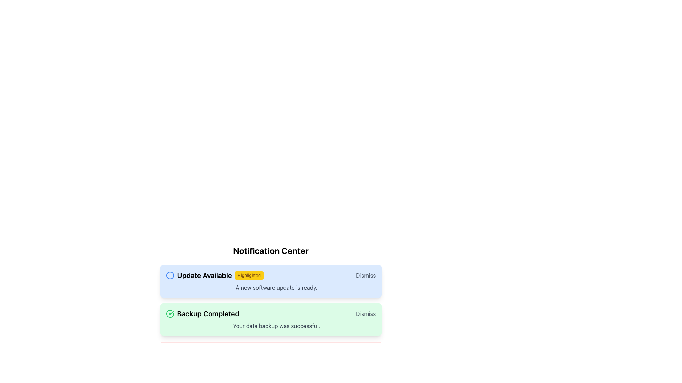  What do you see at coordinates (270, 275) in the screenshot?
I see `details of the first notification bar that displays 'Update Available' with a yellow 'Highlighted' badge and a 'Dismiss' option` at bounding box center [270, 275].